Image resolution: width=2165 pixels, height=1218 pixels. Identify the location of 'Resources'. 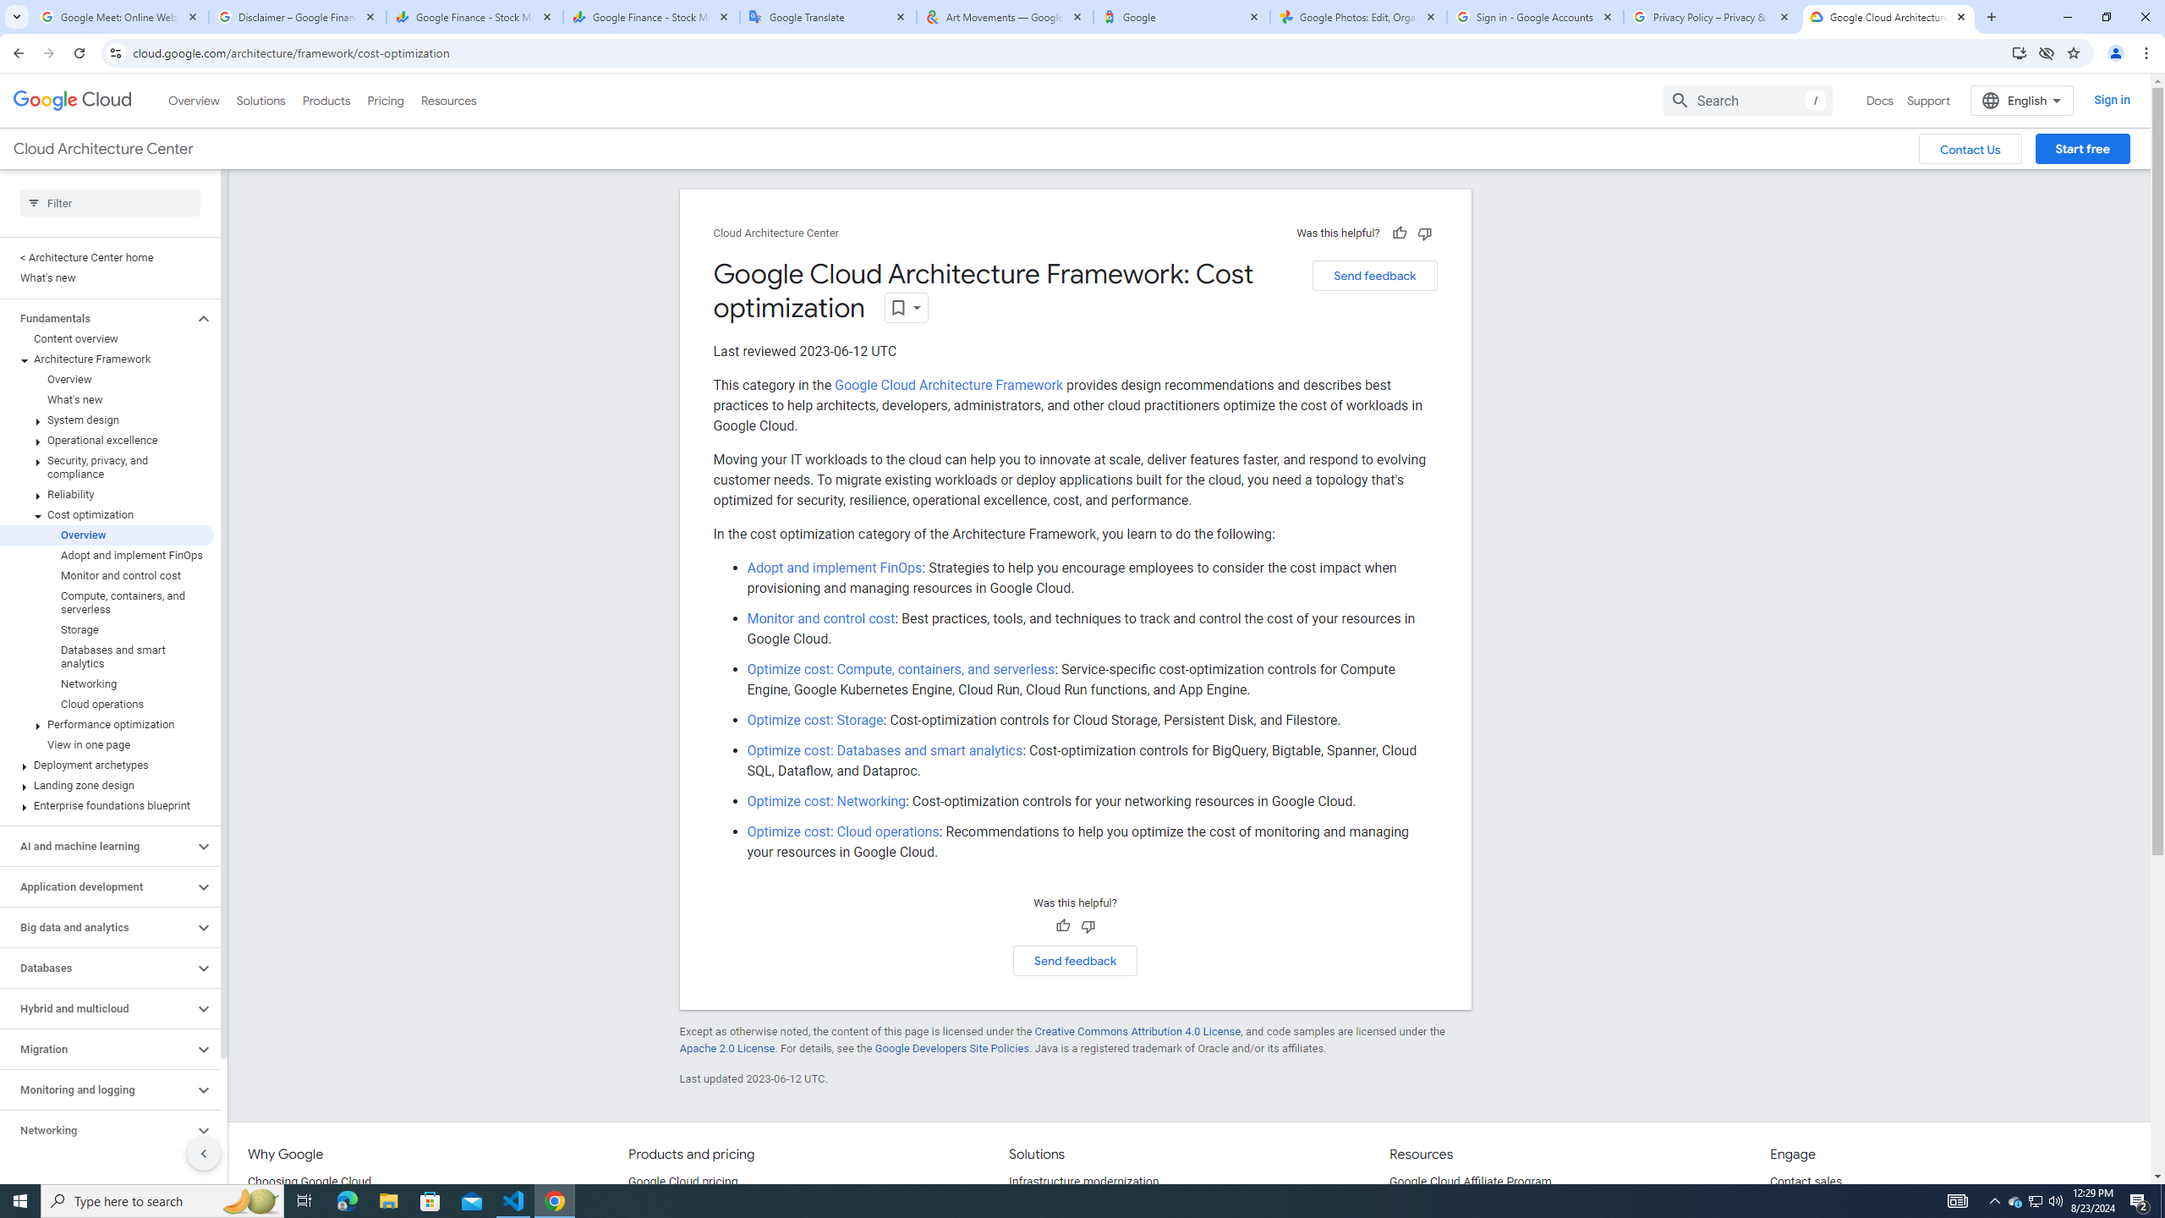
(447, 100).